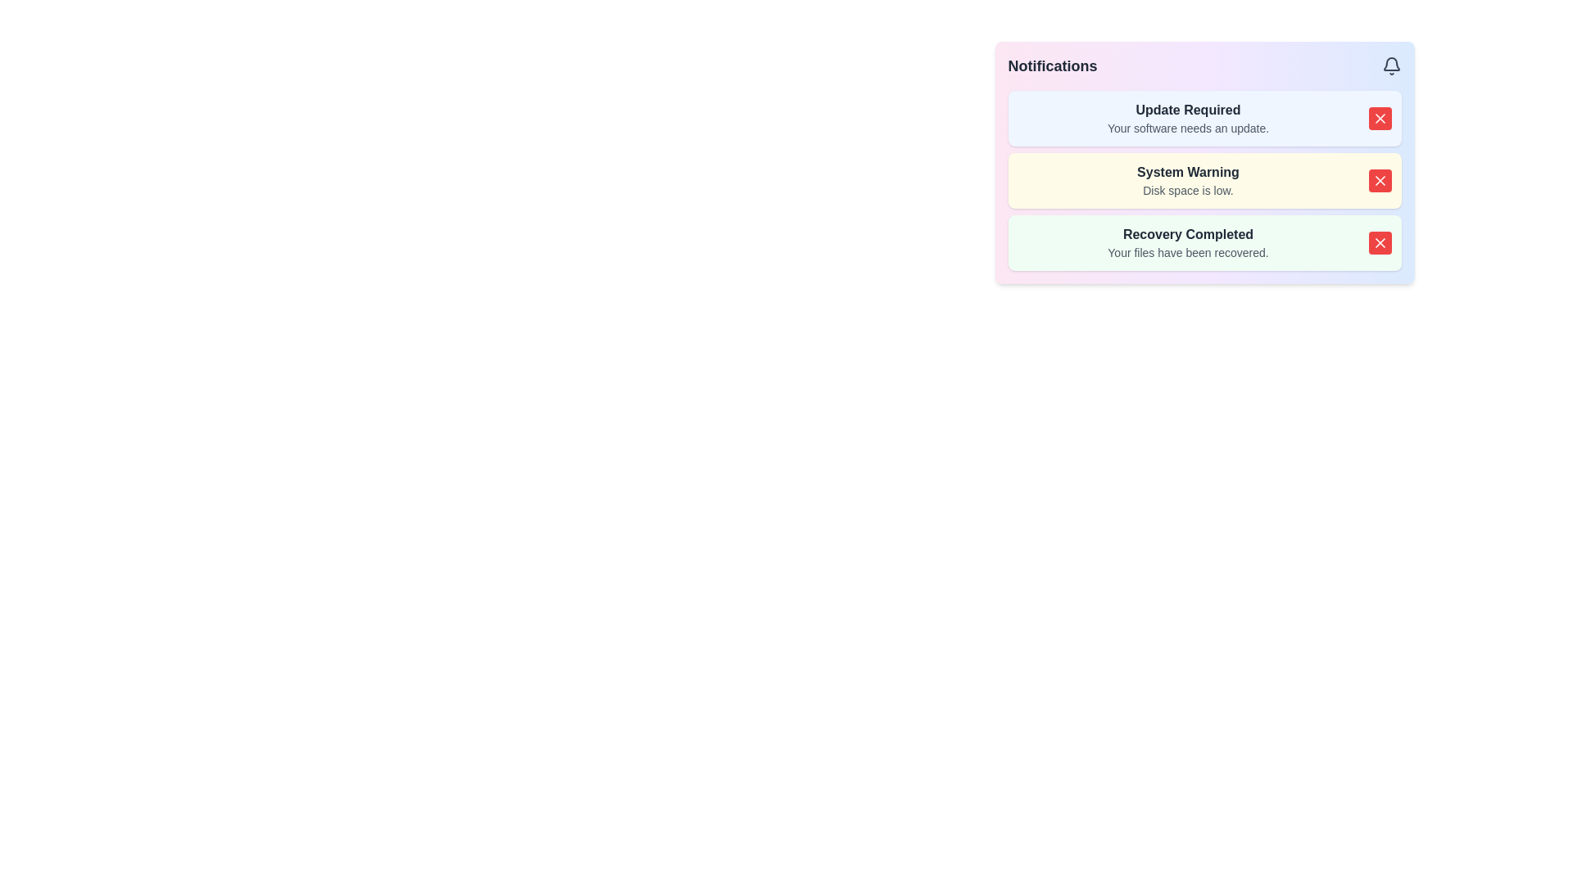 The width and height of the screenshot is (1573, 884). Describe the element at coordinates (1379, 243) in the screenshot. I see `the close button of the 'Recovery Completed' notification card, which is located in the top-right corner of the notifications panel` at that location.